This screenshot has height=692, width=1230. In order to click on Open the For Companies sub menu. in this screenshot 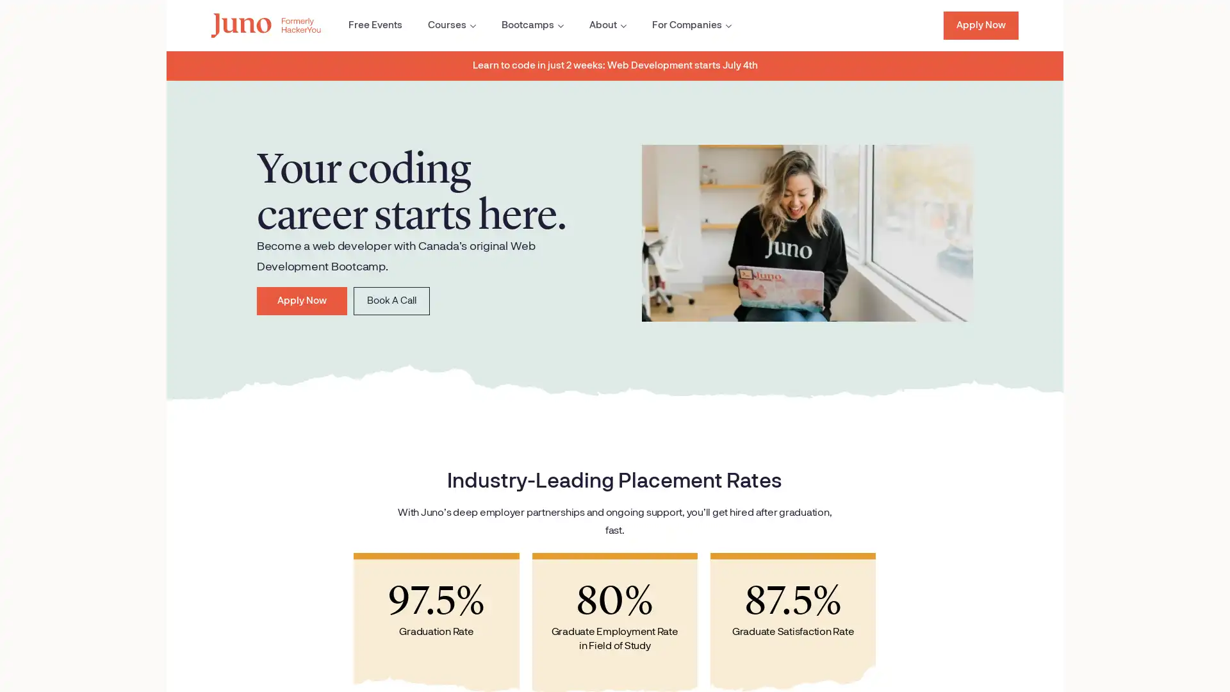, I will do `click(680, 25)`.